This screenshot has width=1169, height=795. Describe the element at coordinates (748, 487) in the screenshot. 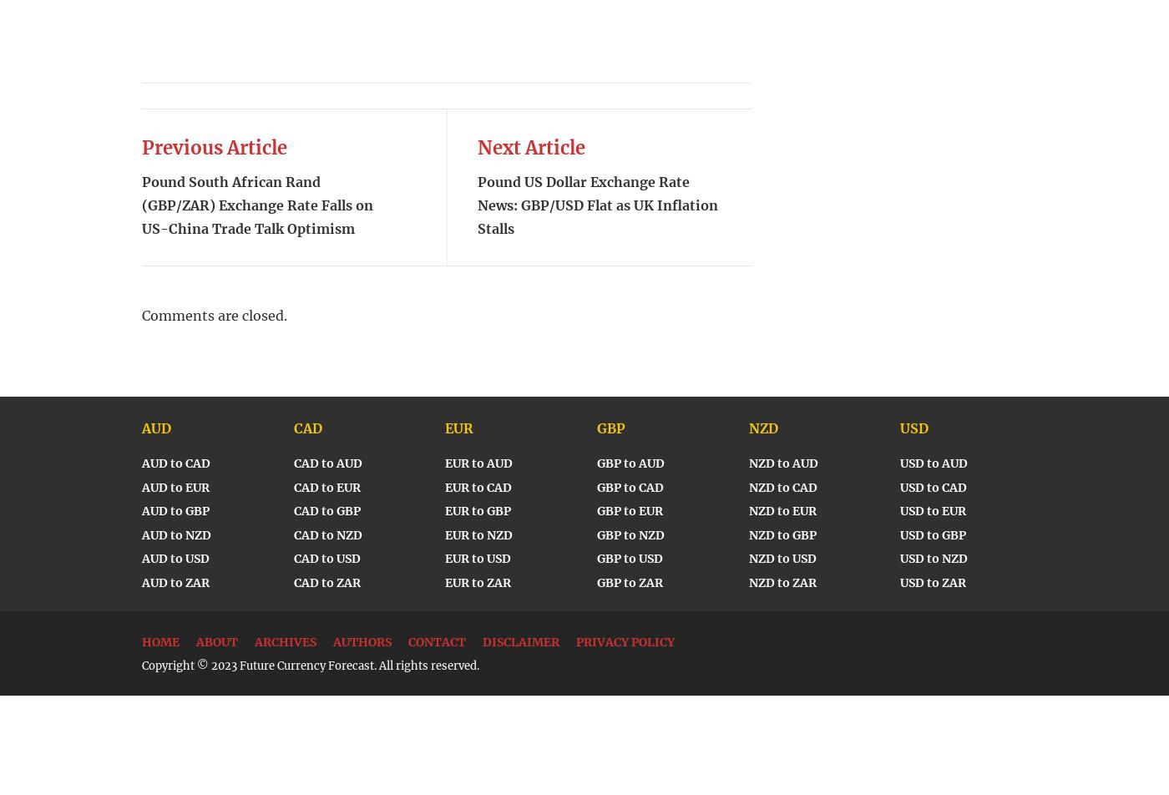

I see `'NZD to CAD'` at that location.